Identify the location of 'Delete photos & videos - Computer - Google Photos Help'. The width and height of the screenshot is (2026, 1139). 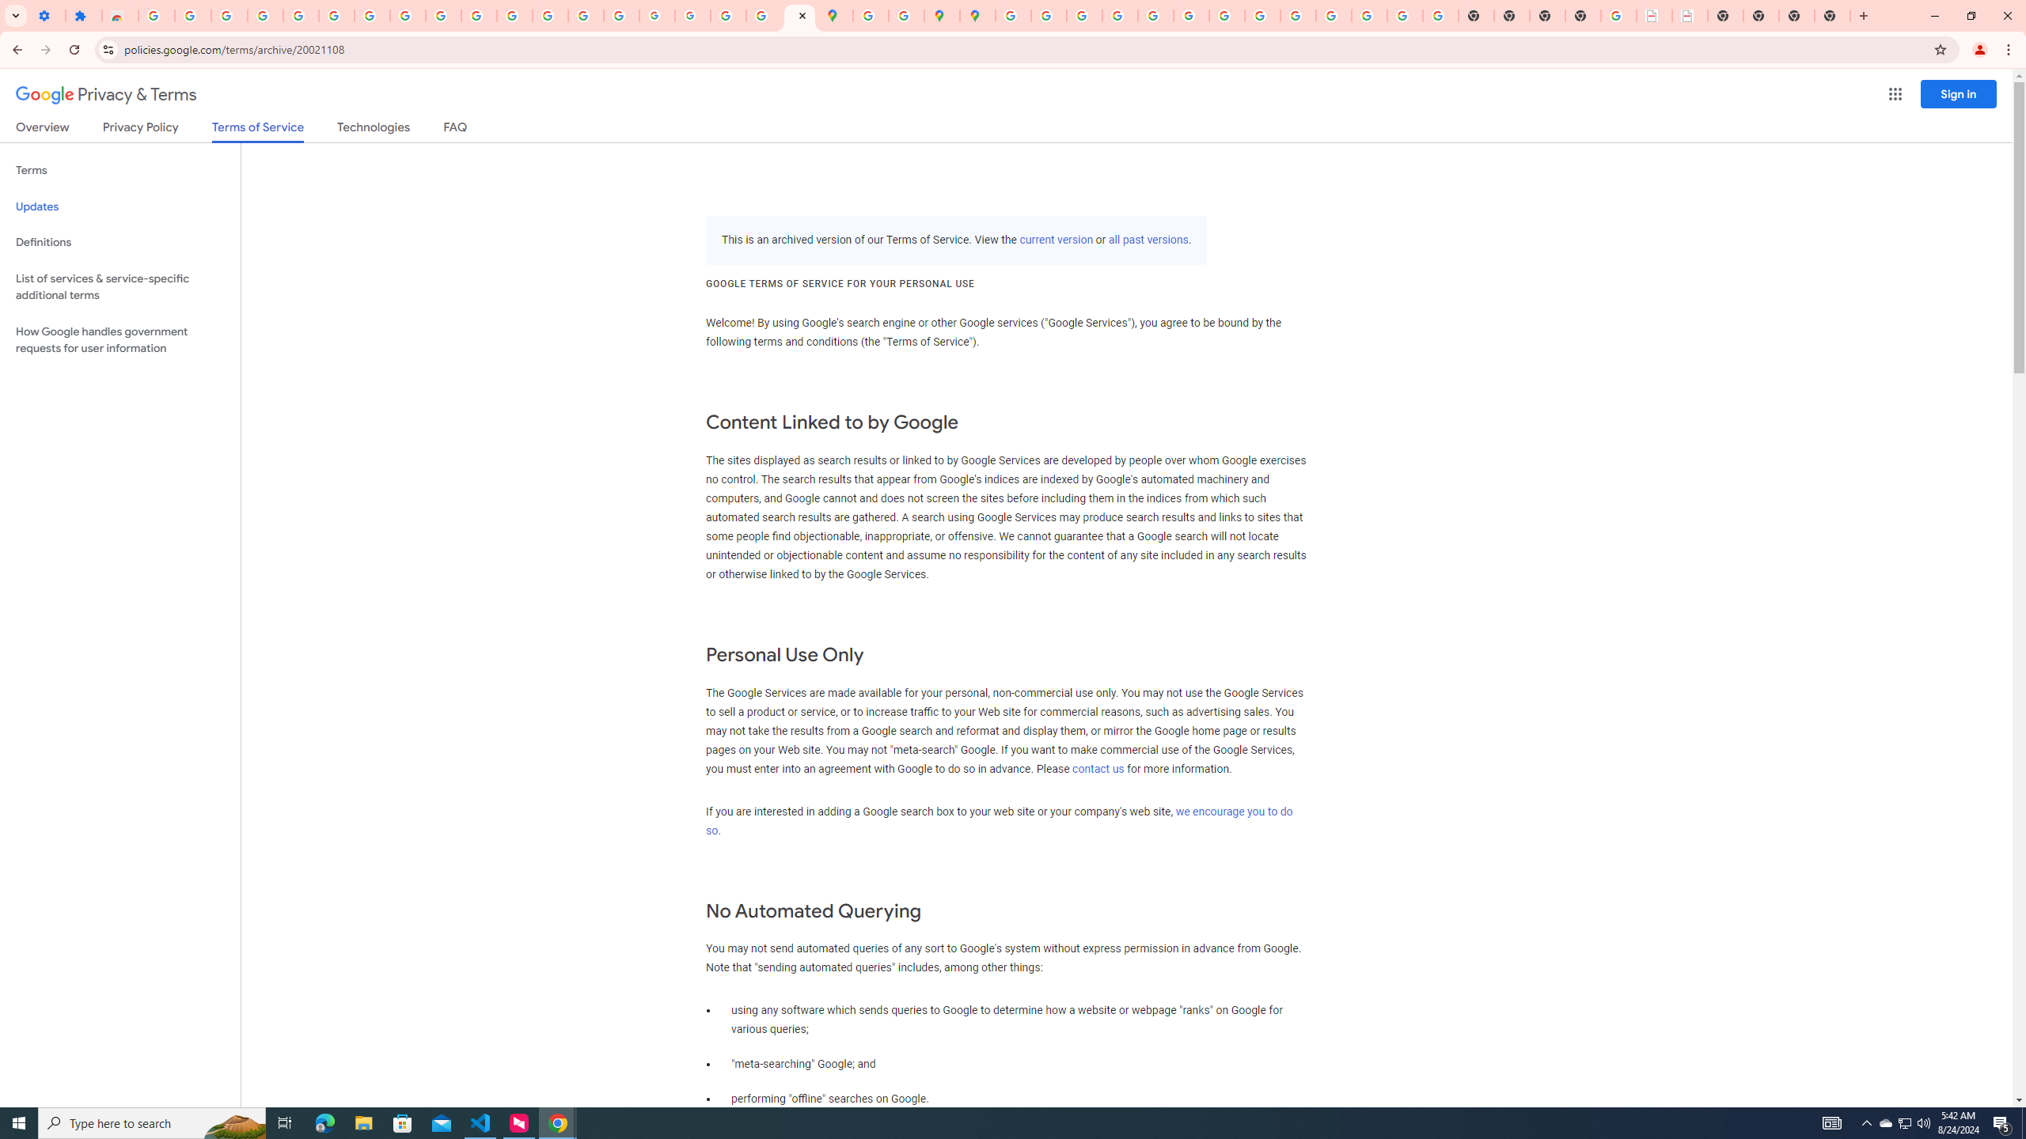
(229, 15).